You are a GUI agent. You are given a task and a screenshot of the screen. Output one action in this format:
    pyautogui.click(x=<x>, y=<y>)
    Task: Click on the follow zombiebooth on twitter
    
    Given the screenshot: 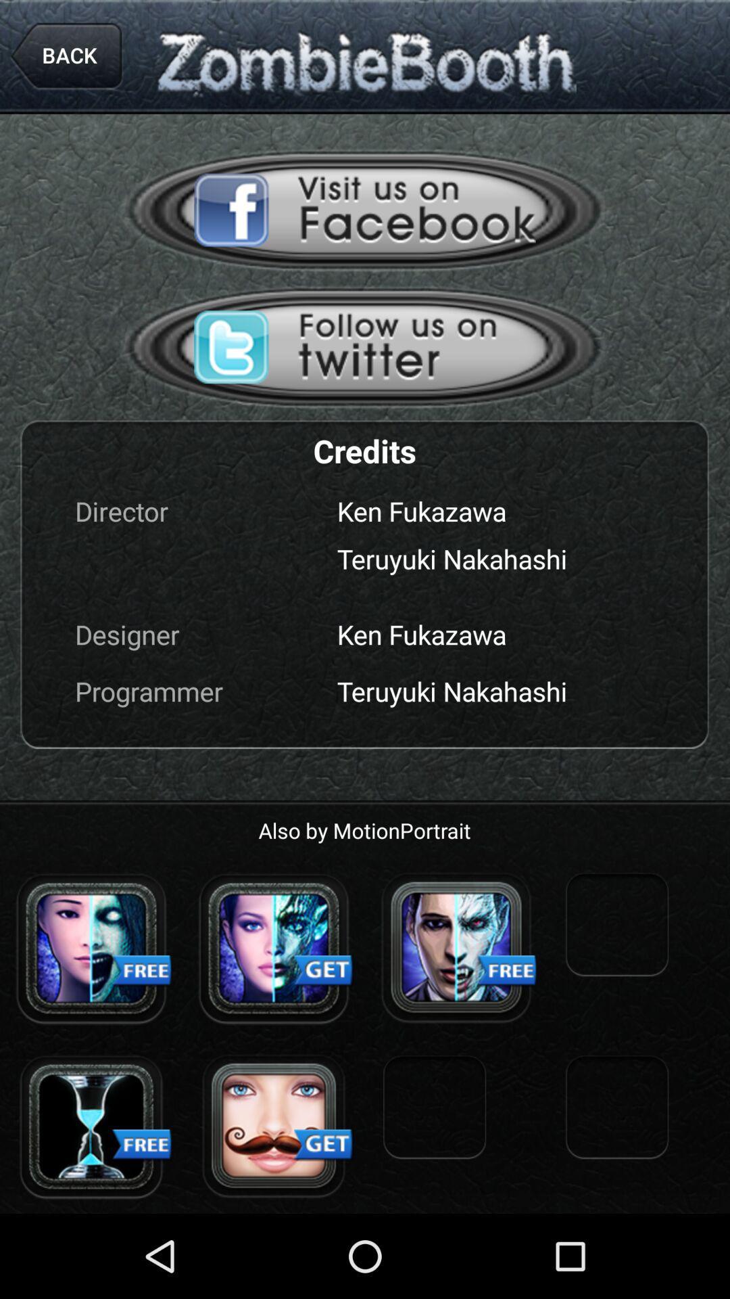 What is the action you would take?
    pyautogui.click(x=365, y=347)
    